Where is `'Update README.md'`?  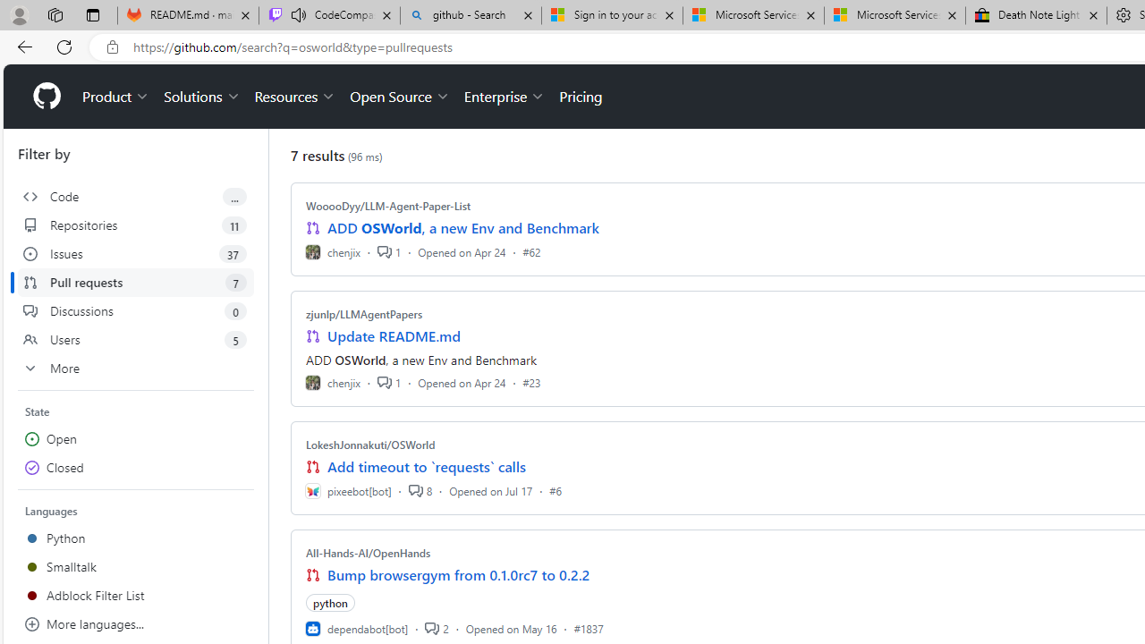 'Update README.md' is located at coordinates (393, 336).